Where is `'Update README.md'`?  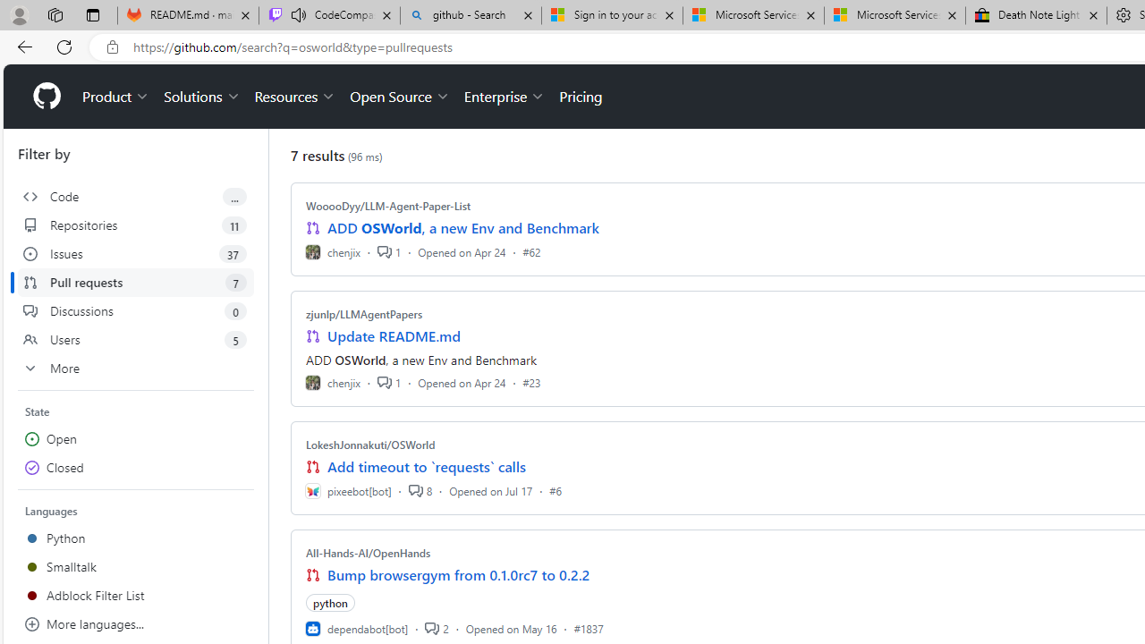 'Update README.md' is located at coordinates (393, 336).